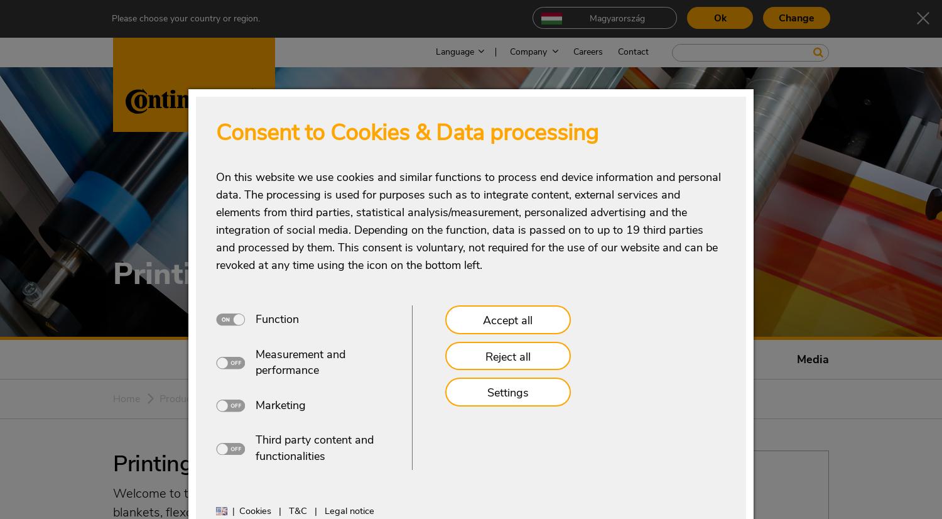  Describe the element at coordinates (300, 361) in the screenshot. I see `'Measurement and performance'` at that location.